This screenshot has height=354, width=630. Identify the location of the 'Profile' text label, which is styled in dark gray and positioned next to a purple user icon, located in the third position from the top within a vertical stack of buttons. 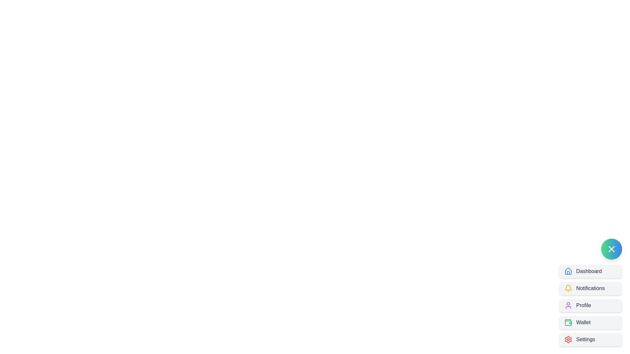
(583, 305).